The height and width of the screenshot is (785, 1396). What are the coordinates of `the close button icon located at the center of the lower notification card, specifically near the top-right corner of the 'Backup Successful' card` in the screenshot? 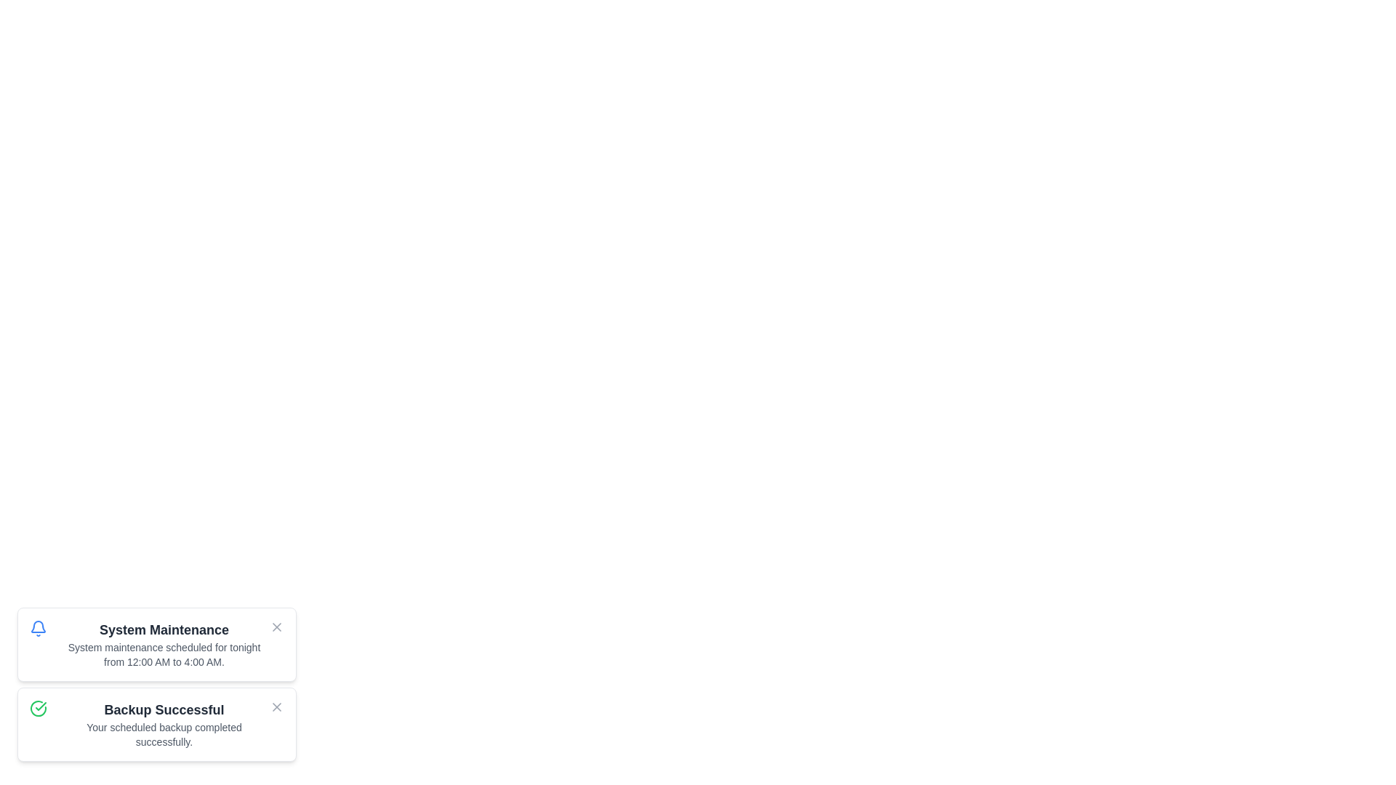 It's located at (276, 706).